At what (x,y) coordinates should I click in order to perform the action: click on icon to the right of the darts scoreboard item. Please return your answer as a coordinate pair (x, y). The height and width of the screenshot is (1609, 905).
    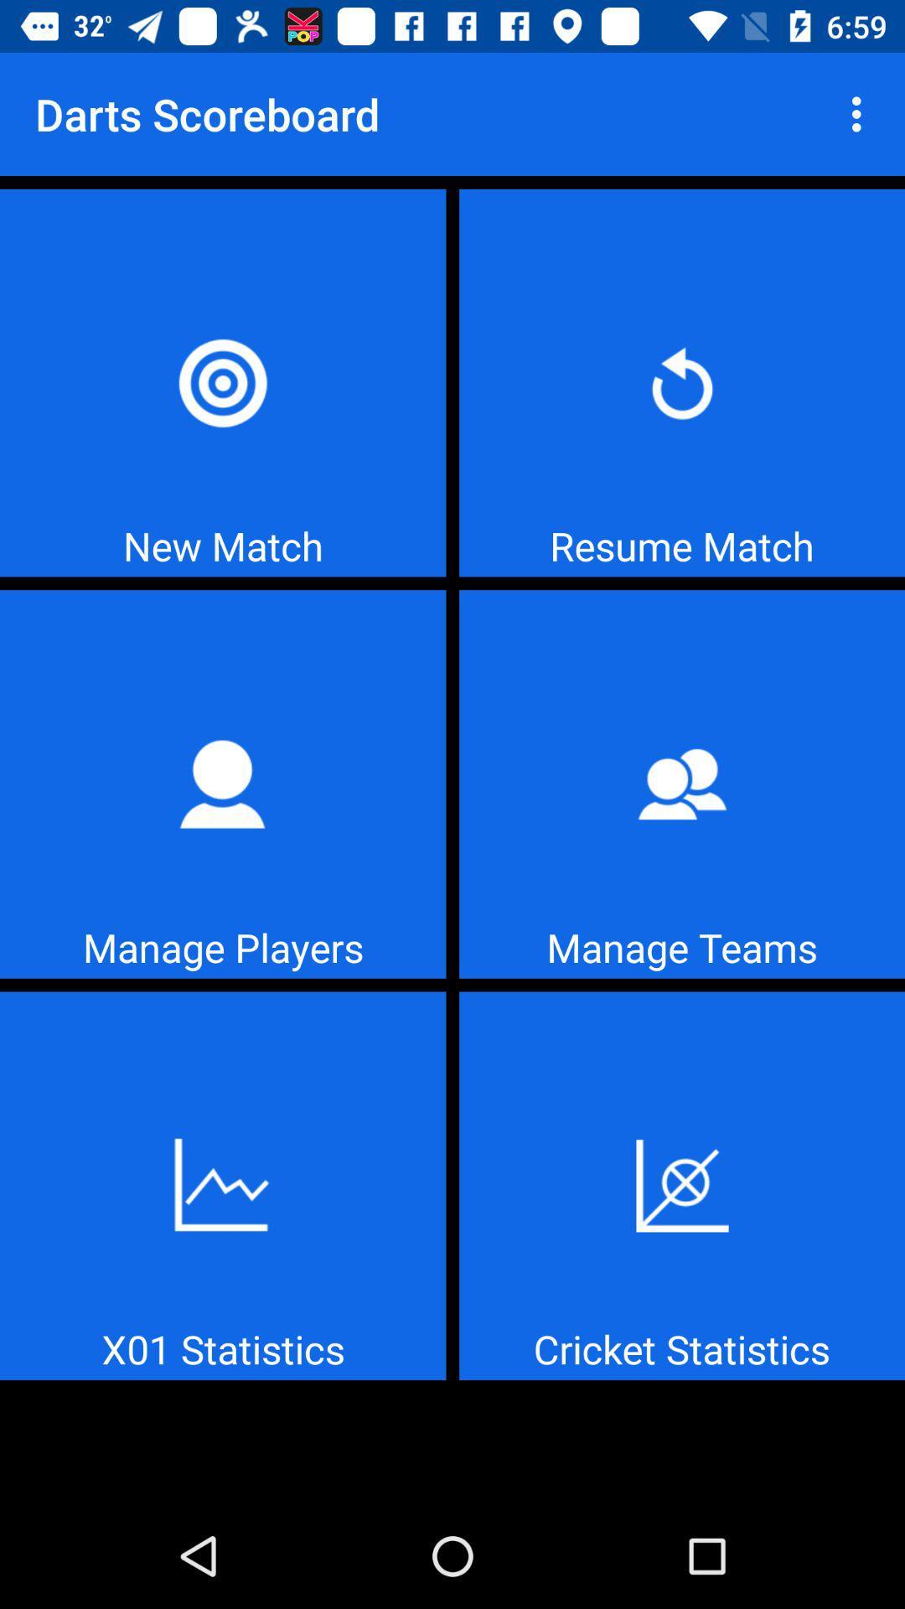
    Looking at the image, I should click on (861, 113).